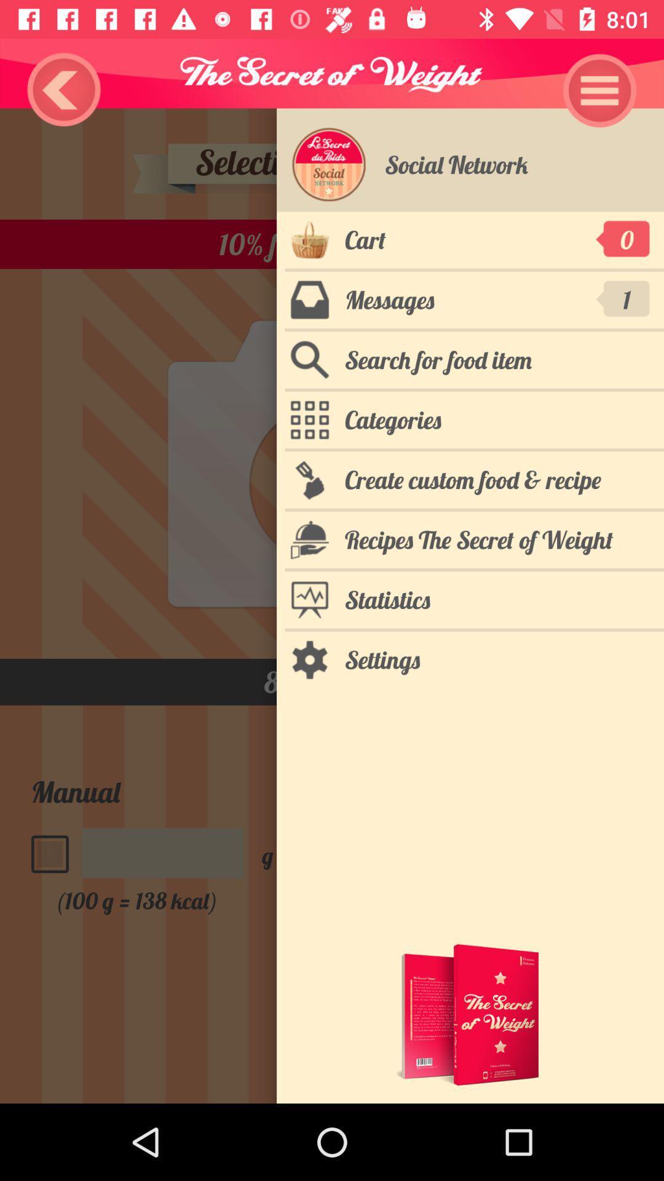 Image resolution: width=664 pixels, height=1181 pixels. Describe the element at coordinates (470, 1014) in the screenshot. I see `the image below settings` at that location.